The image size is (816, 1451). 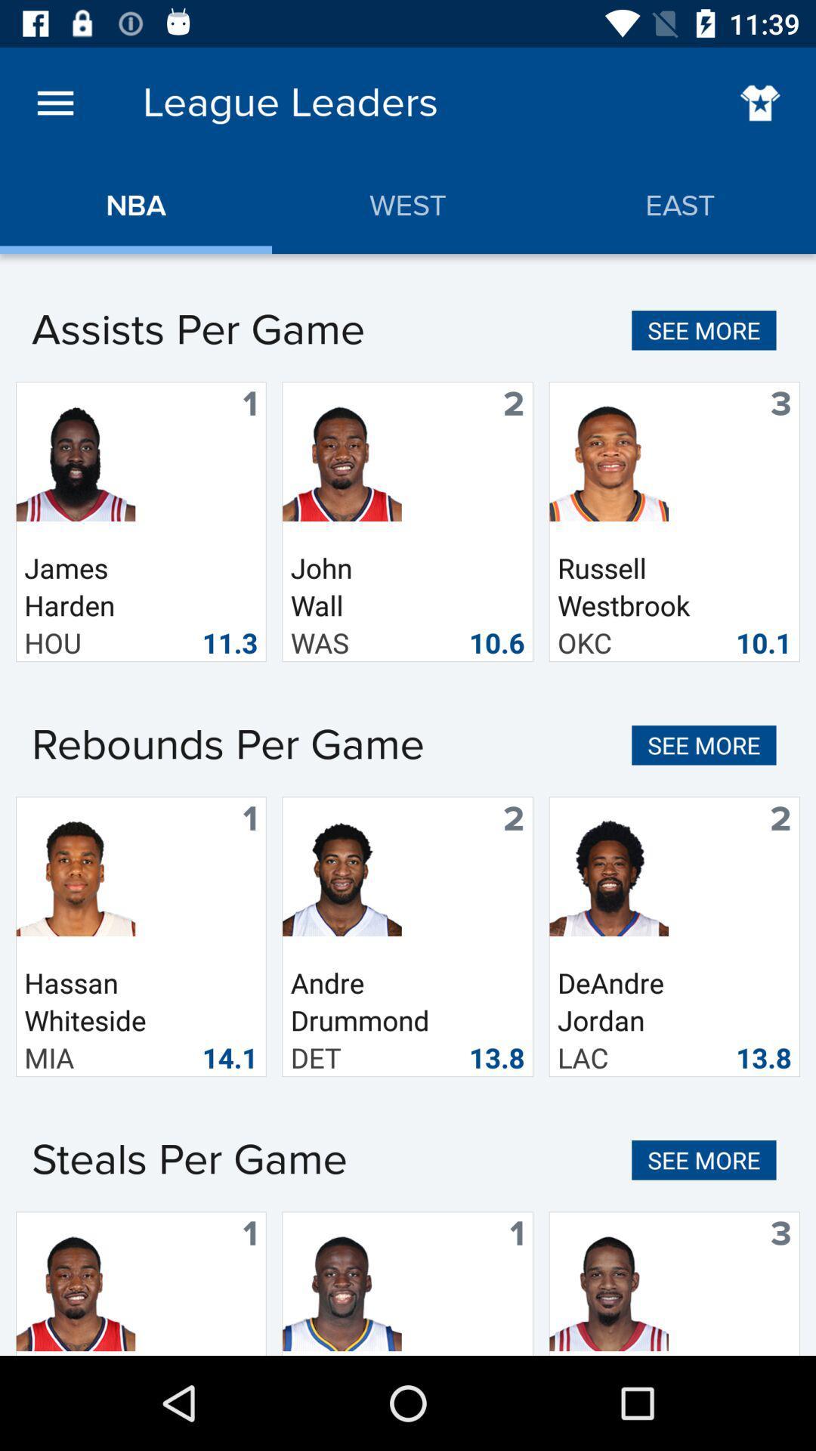 I want to click on the see more  which is beside the steals per game, so click(x=704, y=1159).